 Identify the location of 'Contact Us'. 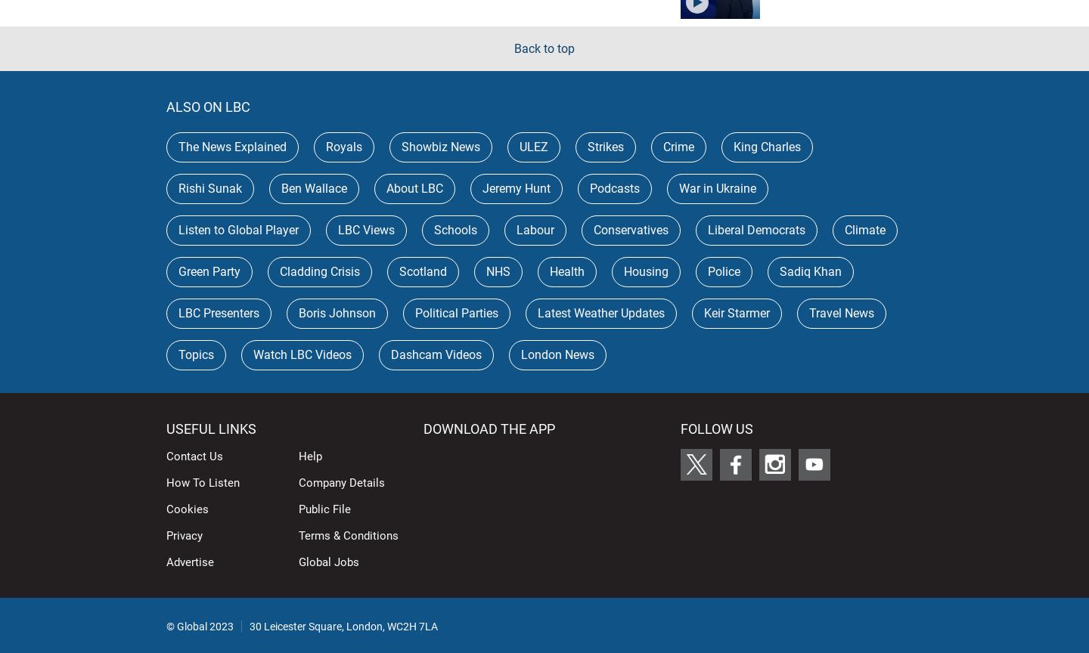
(166, 454).